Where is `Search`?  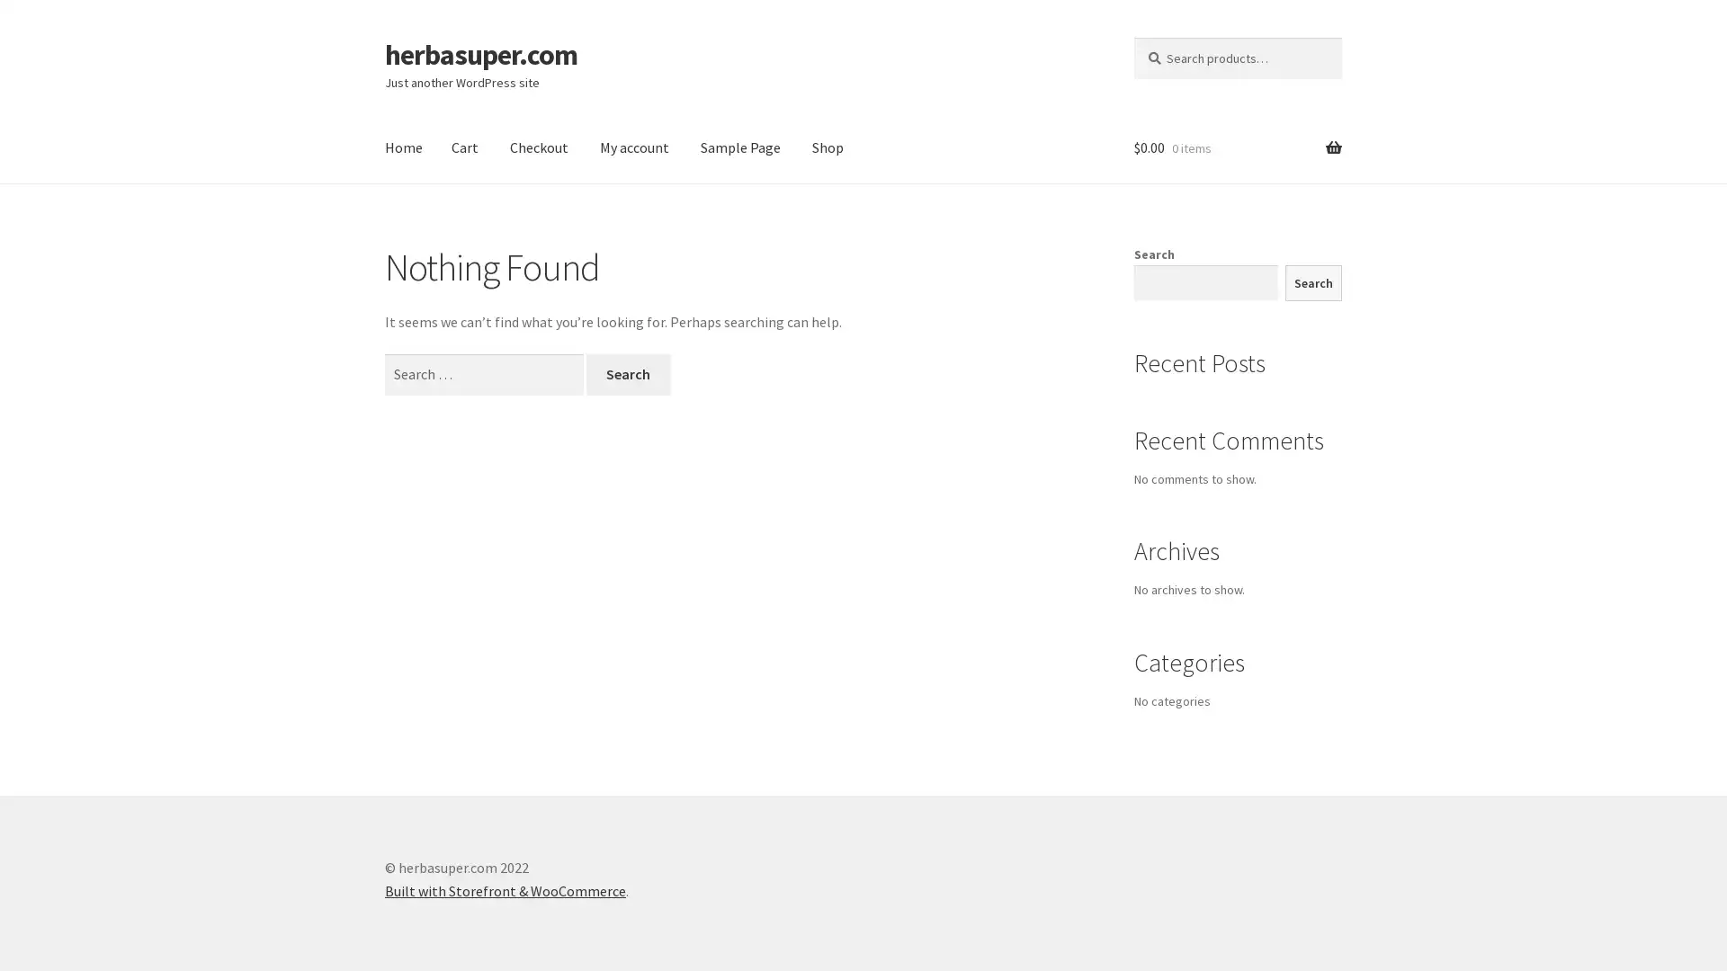 Search is located at coordinates (1132, 36).